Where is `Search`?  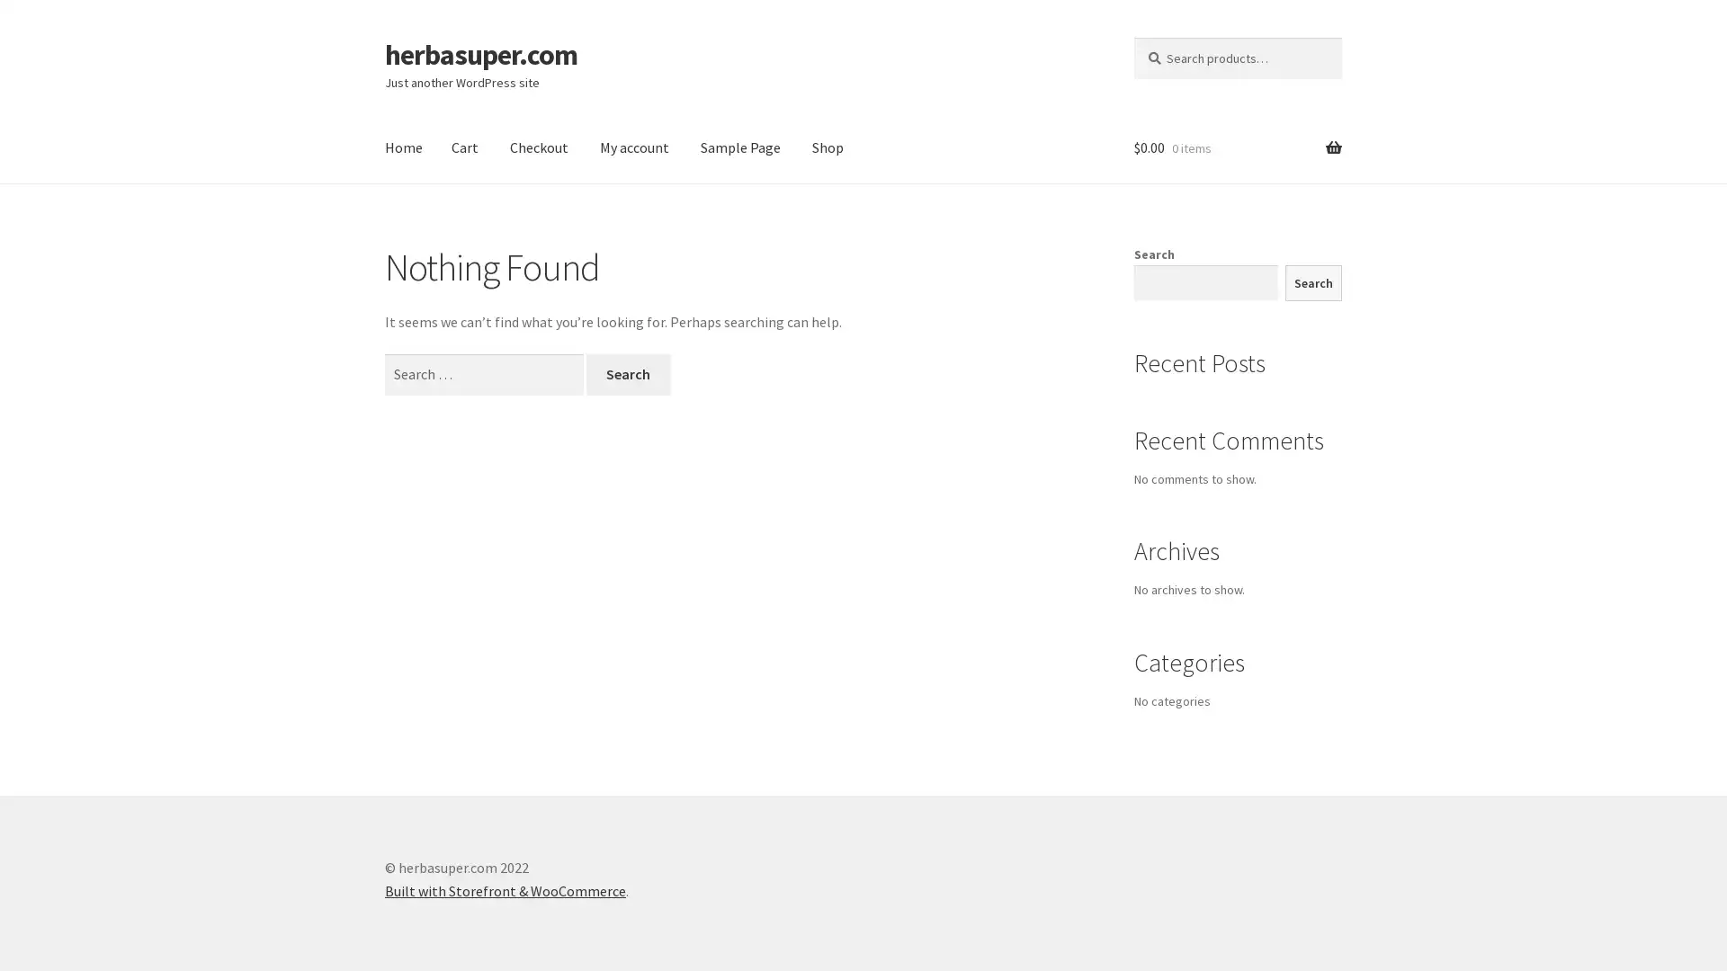 Search is located at coordinates (1132, 36).